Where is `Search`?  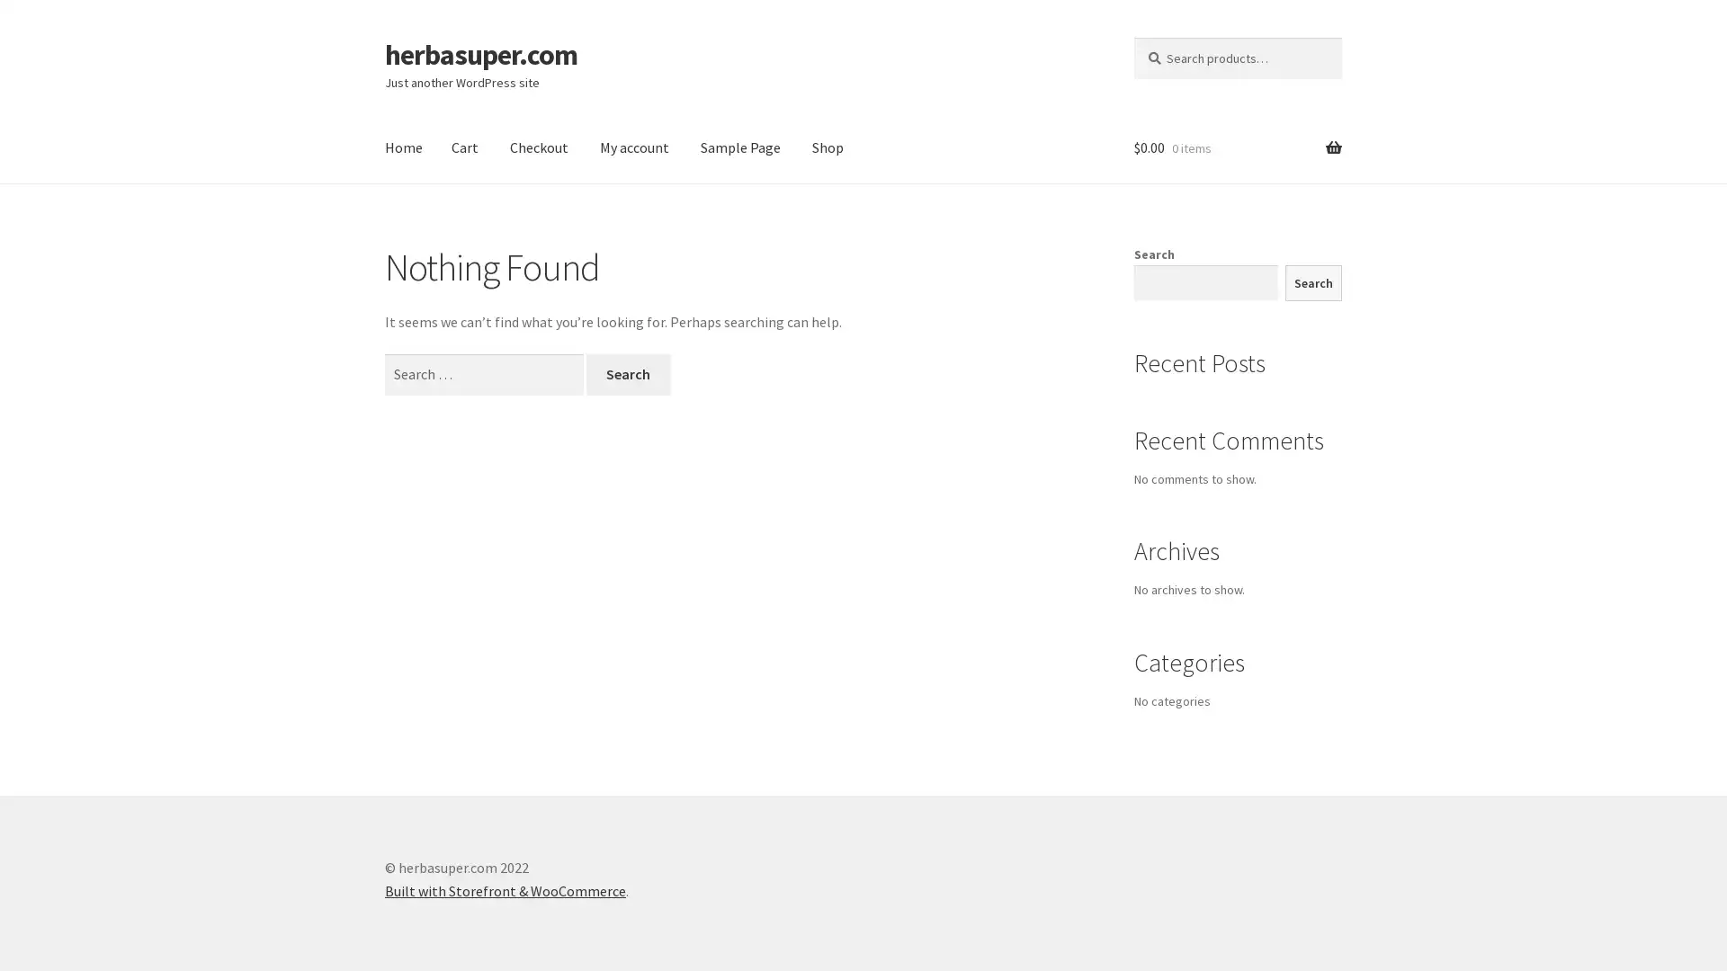 Search is located at coordinates (1132, 36).